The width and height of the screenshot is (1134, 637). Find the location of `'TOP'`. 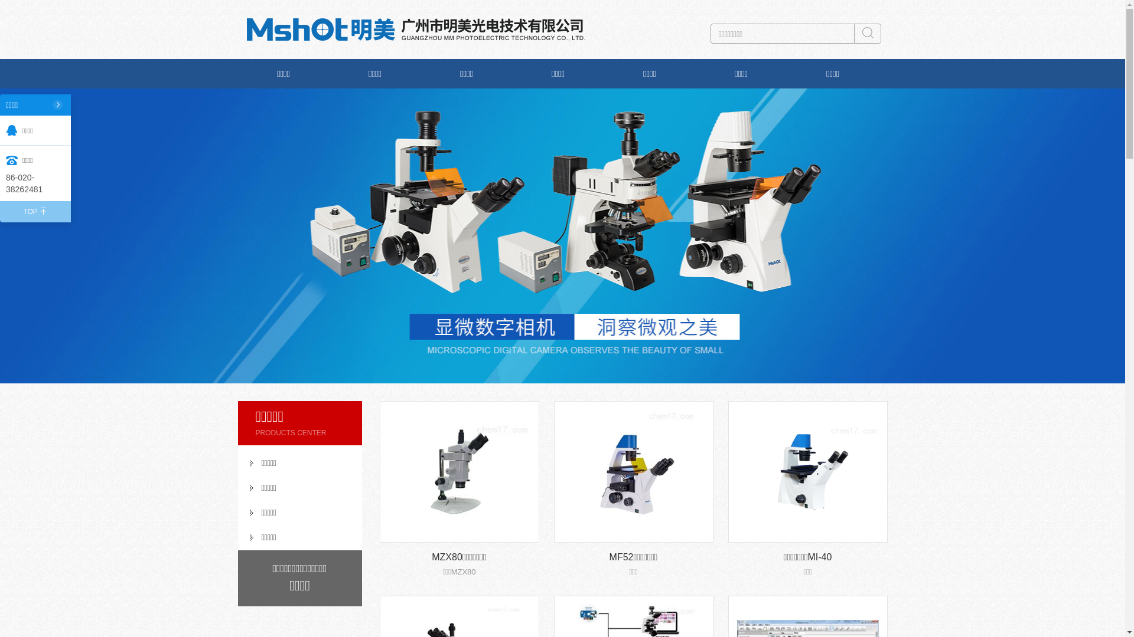

'TOP' is located at coordinates (35, 211).